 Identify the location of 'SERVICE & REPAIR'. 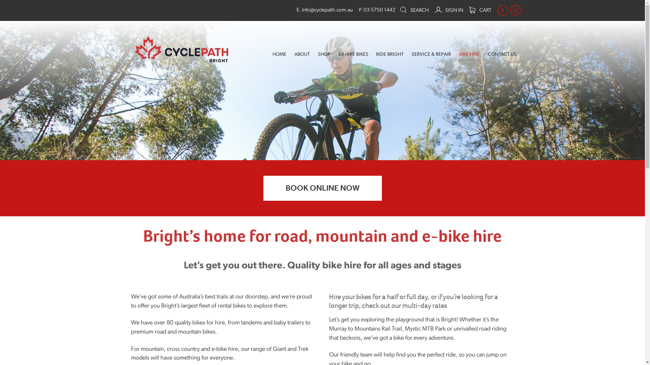
(431, 54).